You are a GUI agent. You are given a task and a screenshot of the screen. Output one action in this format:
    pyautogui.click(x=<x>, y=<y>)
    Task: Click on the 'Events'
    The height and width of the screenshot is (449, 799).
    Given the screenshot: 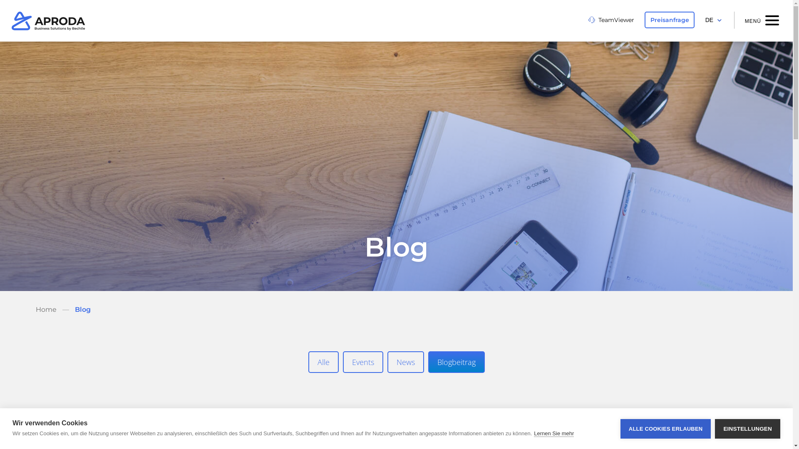 What is the action you would take?
    pyautogui.click(x=363, y=362)
    